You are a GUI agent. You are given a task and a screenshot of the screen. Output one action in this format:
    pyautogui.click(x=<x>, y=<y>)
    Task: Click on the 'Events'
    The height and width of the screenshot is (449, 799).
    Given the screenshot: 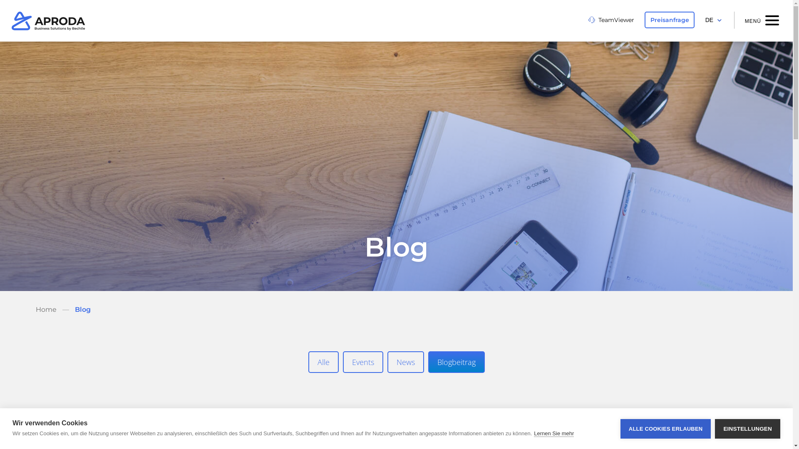 What is the action you would take?
    pyautogui.click(x=363, y=362)
    